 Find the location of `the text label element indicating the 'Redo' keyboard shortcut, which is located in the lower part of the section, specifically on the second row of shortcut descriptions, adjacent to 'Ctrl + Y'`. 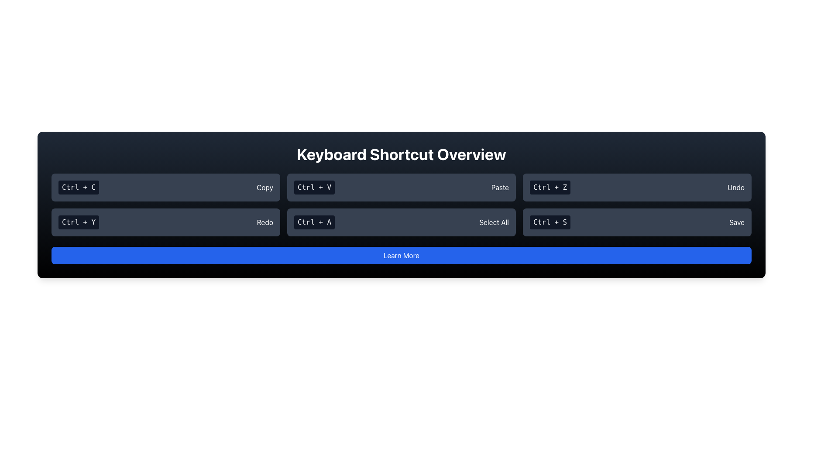

the text label element indicating the 'Redo' keyboard shortcut, which is located in the lower part of the section, specifically on the second row of shortcut descriptions, adjacent to 'Ctrl + Y' is located at coordinates (264, 222).